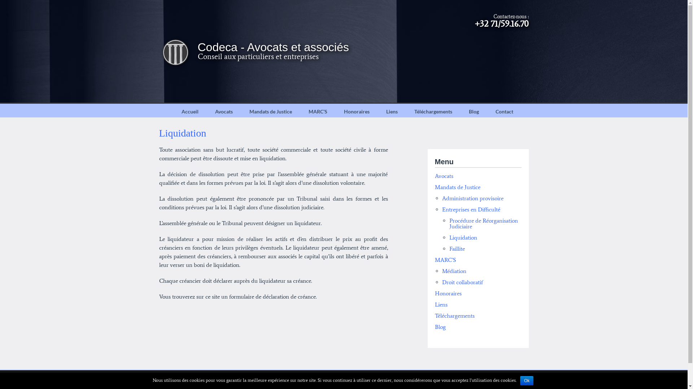  I want to click on 'Liquidation', so click(463, 237).